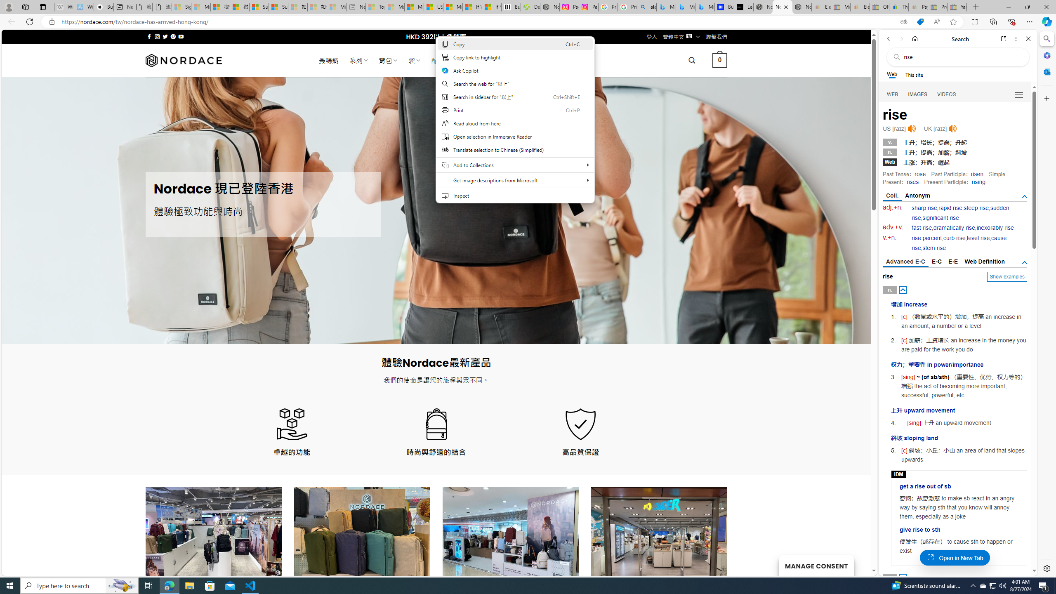  Describe the element at coordinates (892, 74) in the screenshot. I see `'Web scope'` at that location.